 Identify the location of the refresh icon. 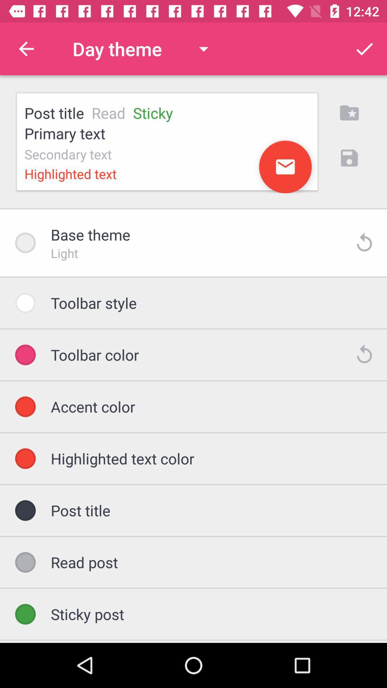
(364, 354).